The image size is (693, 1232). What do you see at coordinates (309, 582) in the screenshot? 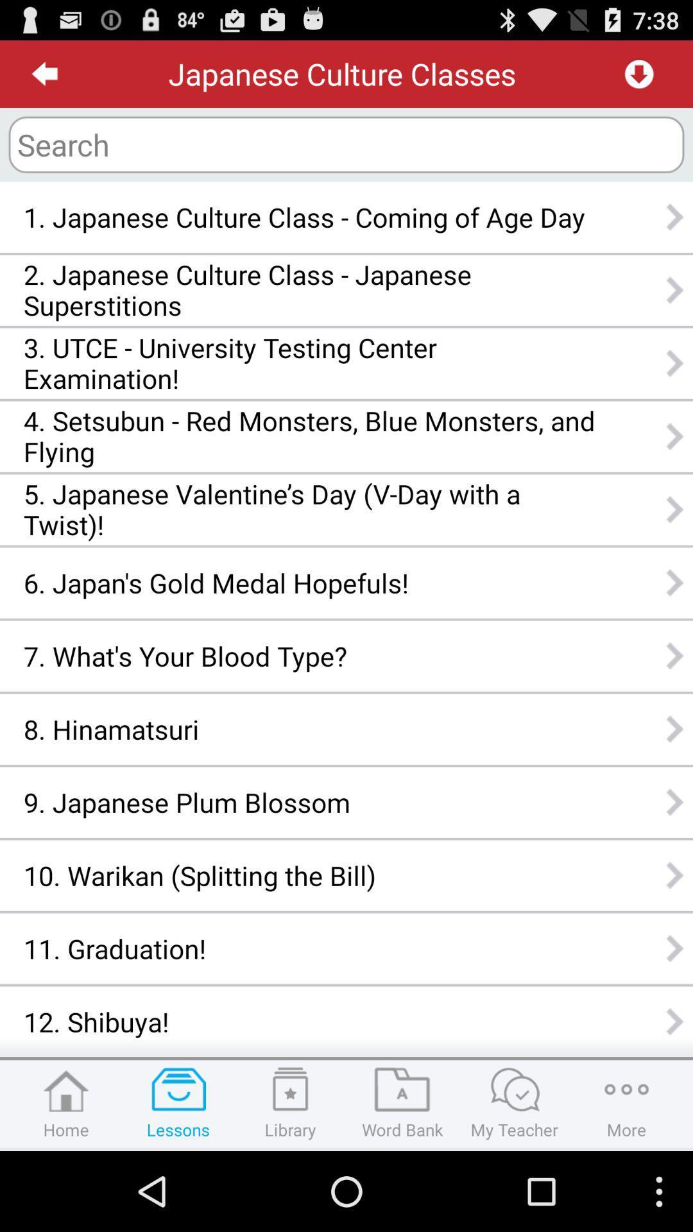
I see `6 japan s item` at bounding box center [309, 582].